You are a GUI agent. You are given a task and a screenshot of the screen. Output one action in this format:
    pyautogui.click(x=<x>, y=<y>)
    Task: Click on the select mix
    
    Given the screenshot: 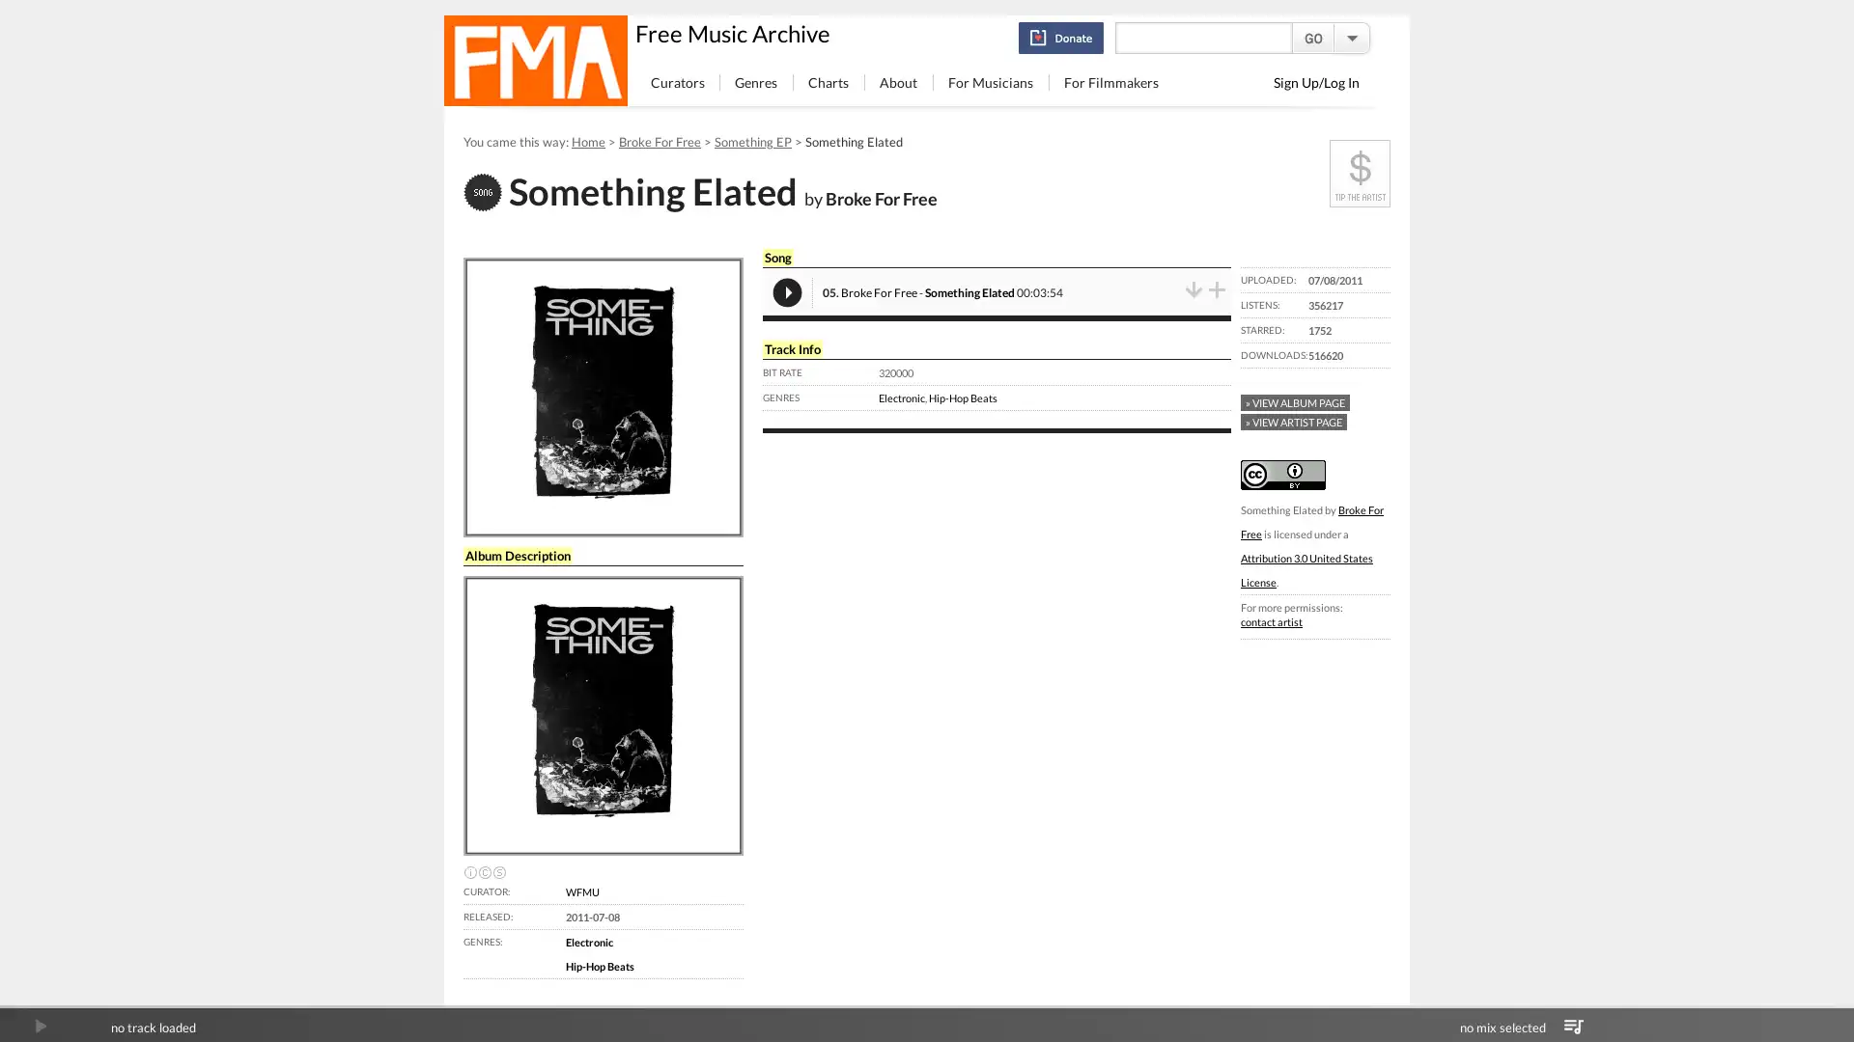 What is the action you would take?
    pyautogui.click(x=1573, y=1026)
    